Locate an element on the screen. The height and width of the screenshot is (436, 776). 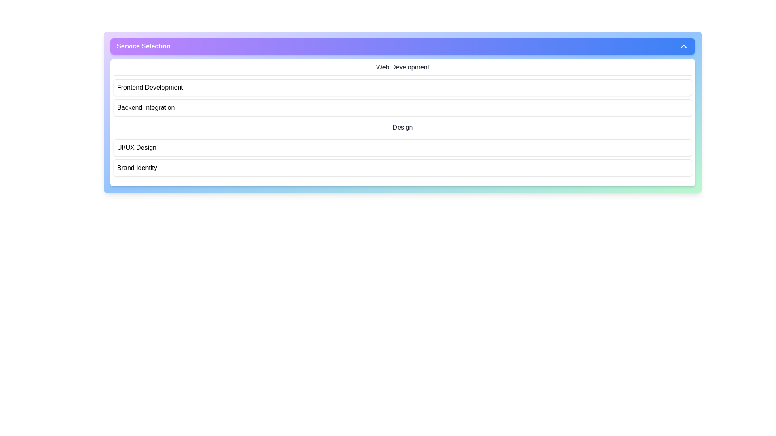
the 'Brand Identity' button located under the 'Design' section of the 'Service Selection' box is located at coordinates (403, 168).